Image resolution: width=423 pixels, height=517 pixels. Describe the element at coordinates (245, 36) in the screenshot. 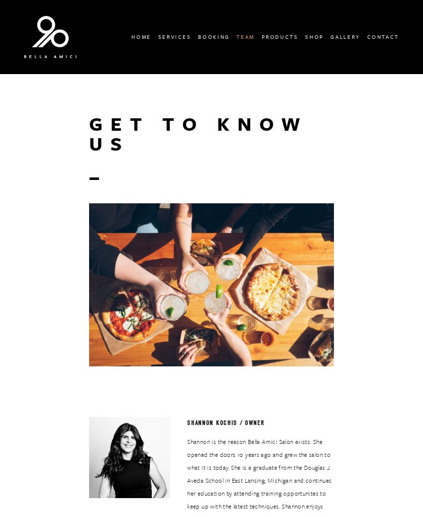

I see `'Team'` at that location.